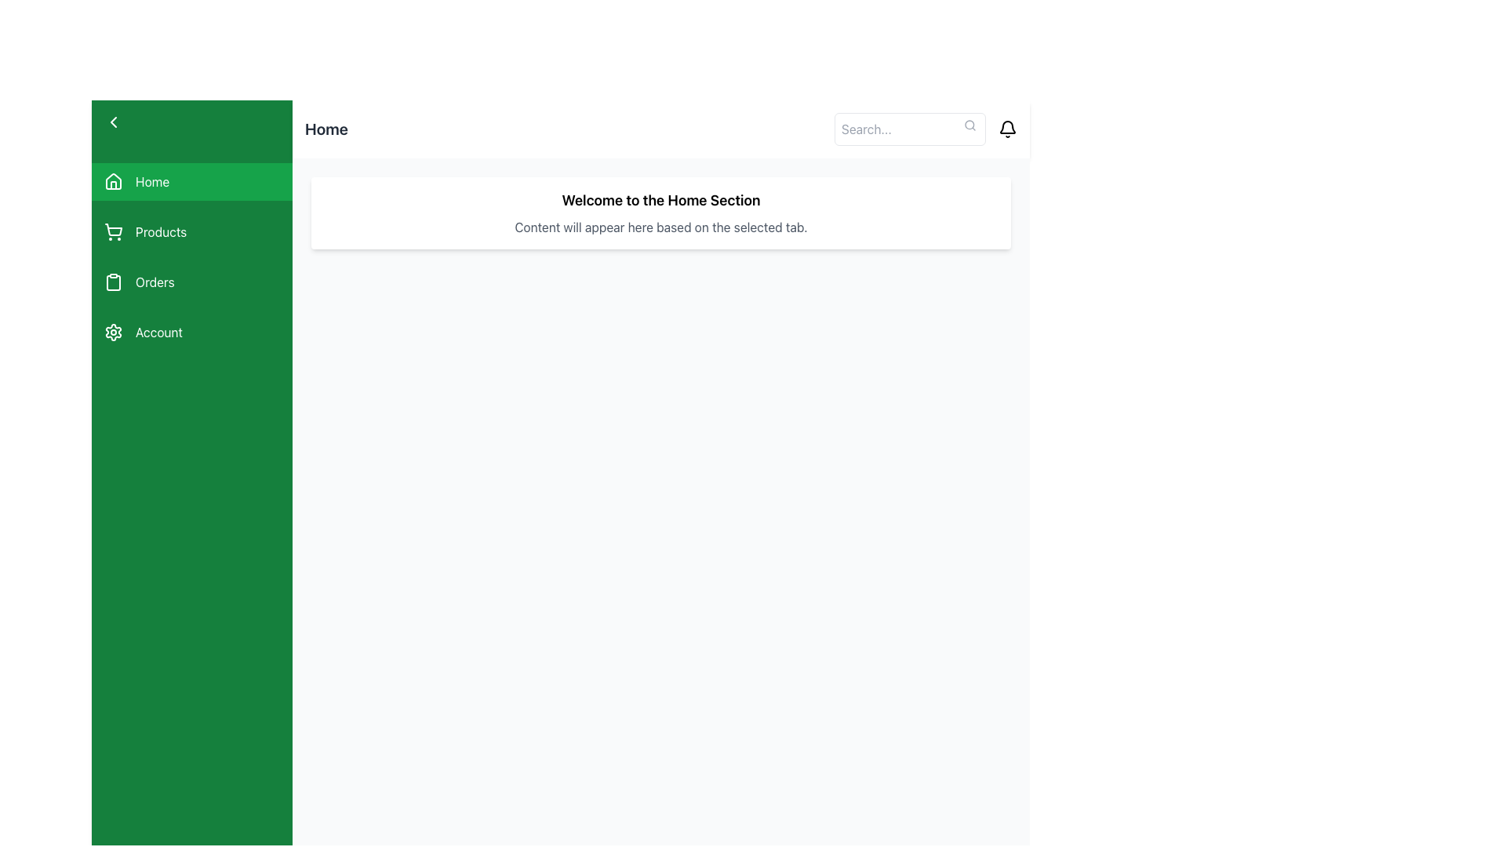 The width and height of the screenshot is (1506, 847). What do you see at coordinates (661, 227) in the screenshot?
I see `dynamic content feedback text located directly below the heading 'Welcome to the Home Section' in the card` at bounding box center [661, 227].